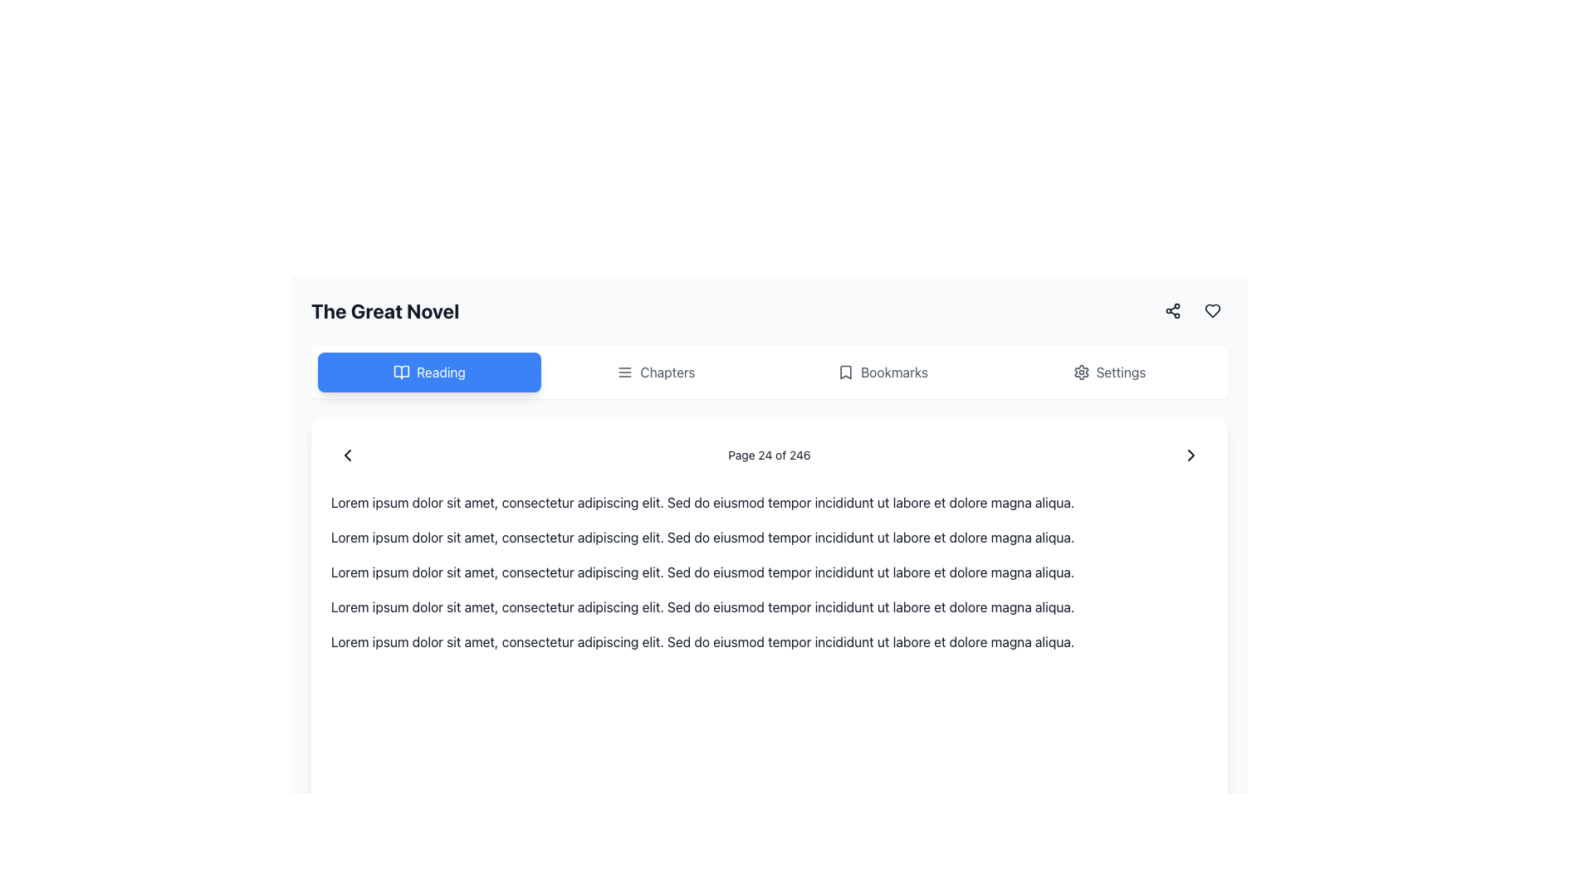 The width and height of the screenshot is (1594, 896). What do you see at coordinates (1191, 455) in the screenshot?
I see `the 'Next Page' button with an embedded icon located at the far right of the horizontal navigation bar` at bounding box center [1191, 455].